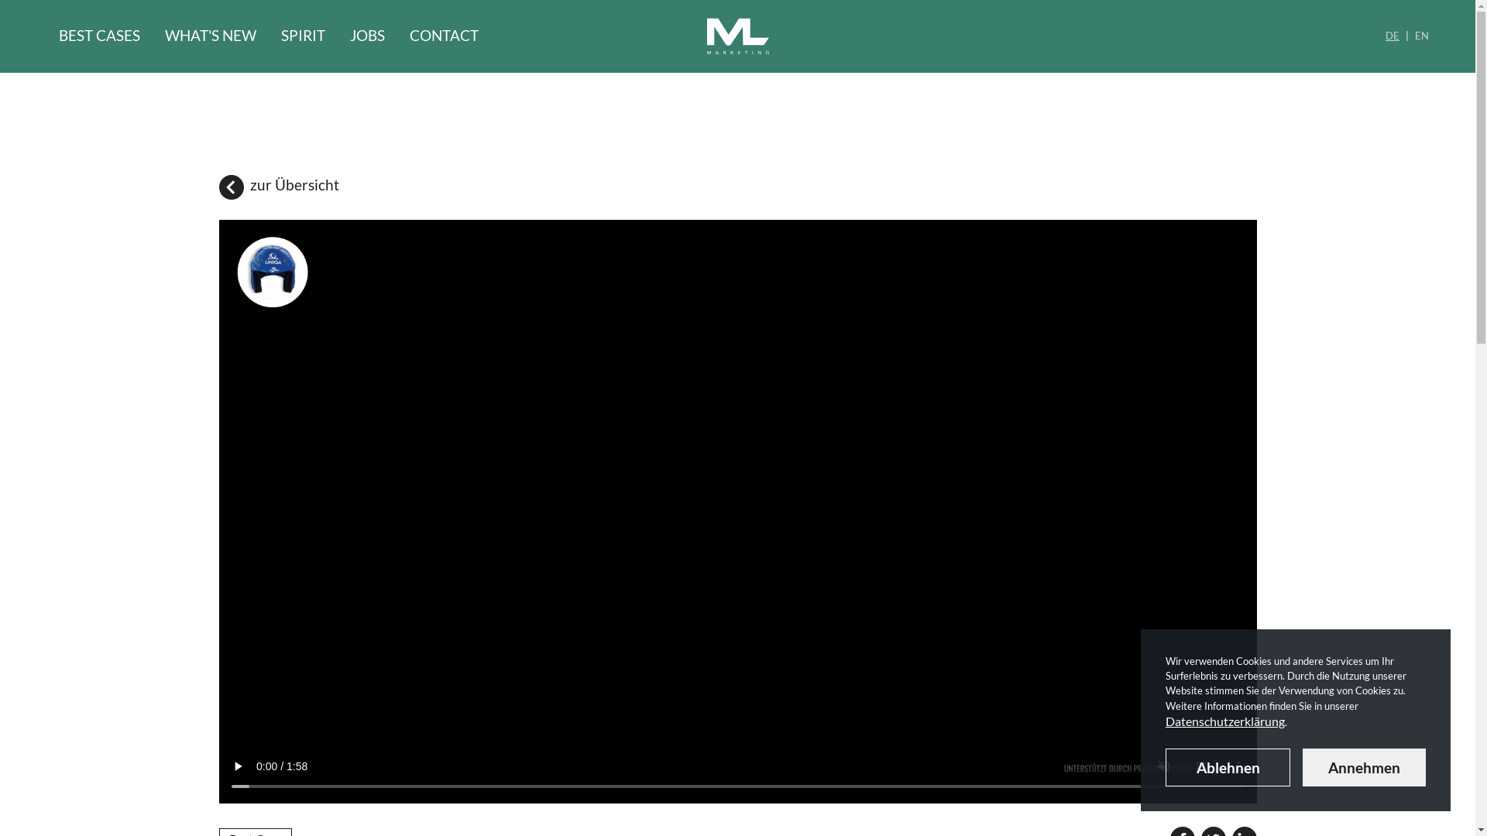  Describe the element at coordinates (59, 36) in the screenshot. I see `'BEST CASES'` at that location.